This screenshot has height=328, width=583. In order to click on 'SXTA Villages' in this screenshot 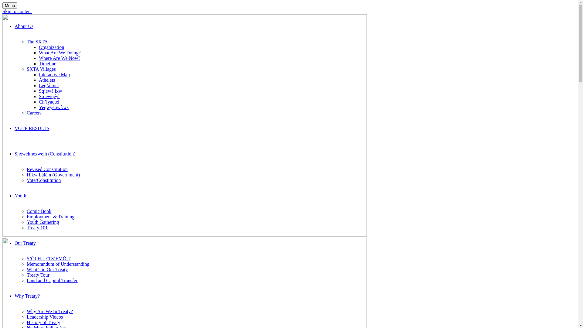, I will do `click(26, 69)`.